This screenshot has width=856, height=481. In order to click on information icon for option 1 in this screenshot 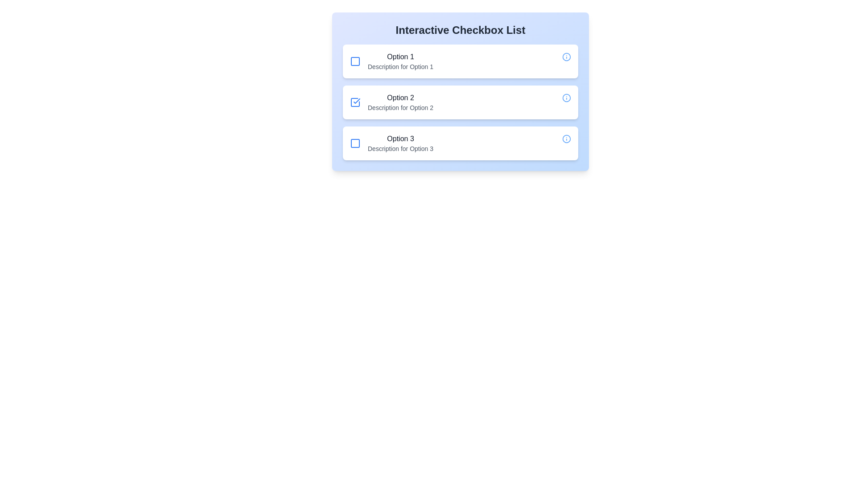, I will do `click(566, 57)`.